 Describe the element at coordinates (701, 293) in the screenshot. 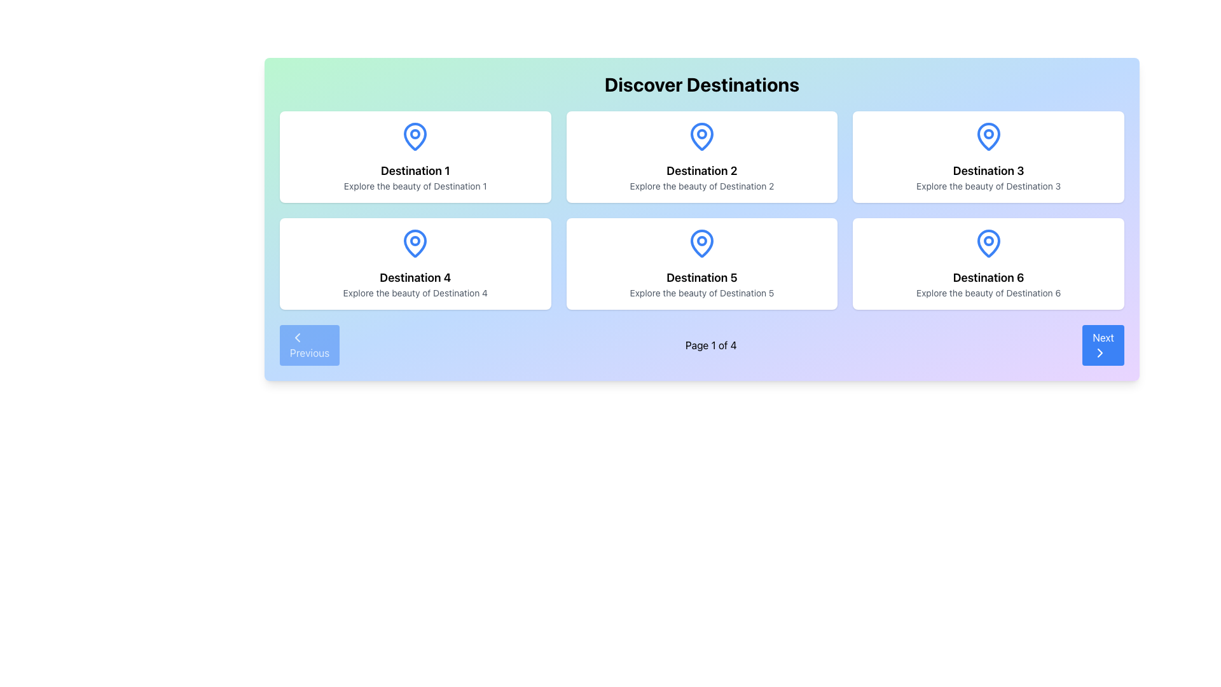

I see `text element located in the fifth card of a grid layout, positioned below the title 'Destination 5' and above the card's bottom edge` at that location.